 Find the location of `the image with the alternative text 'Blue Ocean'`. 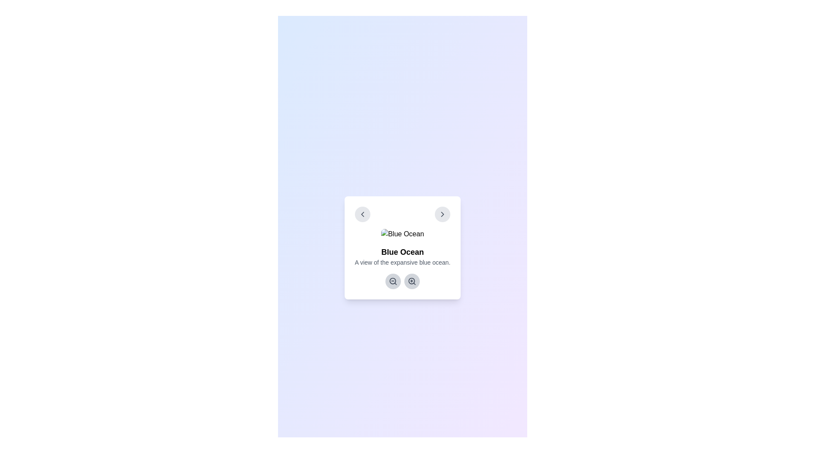

the image with the alternative text 'Blue Ocean' is located at coordinates (402, 234).